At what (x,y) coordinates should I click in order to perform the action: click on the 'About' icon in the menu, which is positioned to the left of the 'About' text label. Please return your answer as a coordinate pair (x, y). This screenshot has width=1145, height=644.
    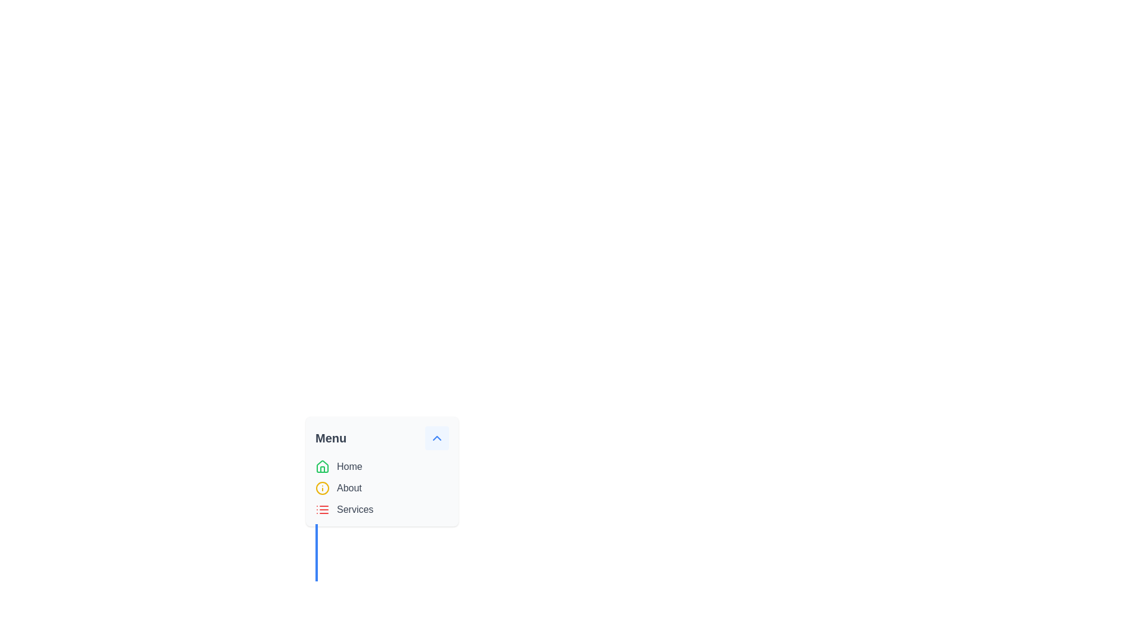
    Looking at the image, I should click on (323, 488).